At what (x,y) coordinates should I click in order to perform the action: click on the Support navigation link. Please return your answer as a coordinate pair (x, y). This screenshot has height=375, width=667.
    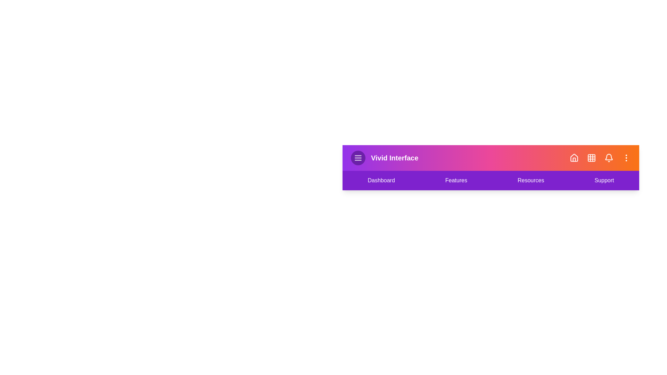
    Looking at the image, I should click on (604, 180).